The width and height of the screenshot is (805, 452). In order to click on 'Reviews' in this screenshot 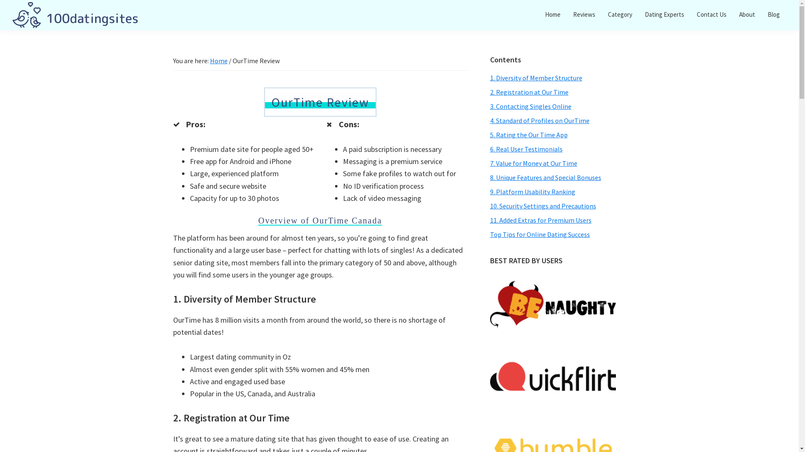, I will do `click(584, 14)`.